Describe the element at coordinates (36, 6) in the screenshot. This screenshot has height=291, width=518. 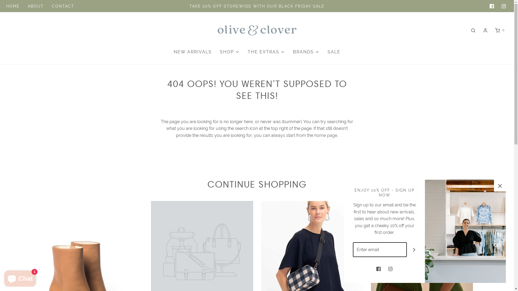
I see `'ABOUT'` at that location.